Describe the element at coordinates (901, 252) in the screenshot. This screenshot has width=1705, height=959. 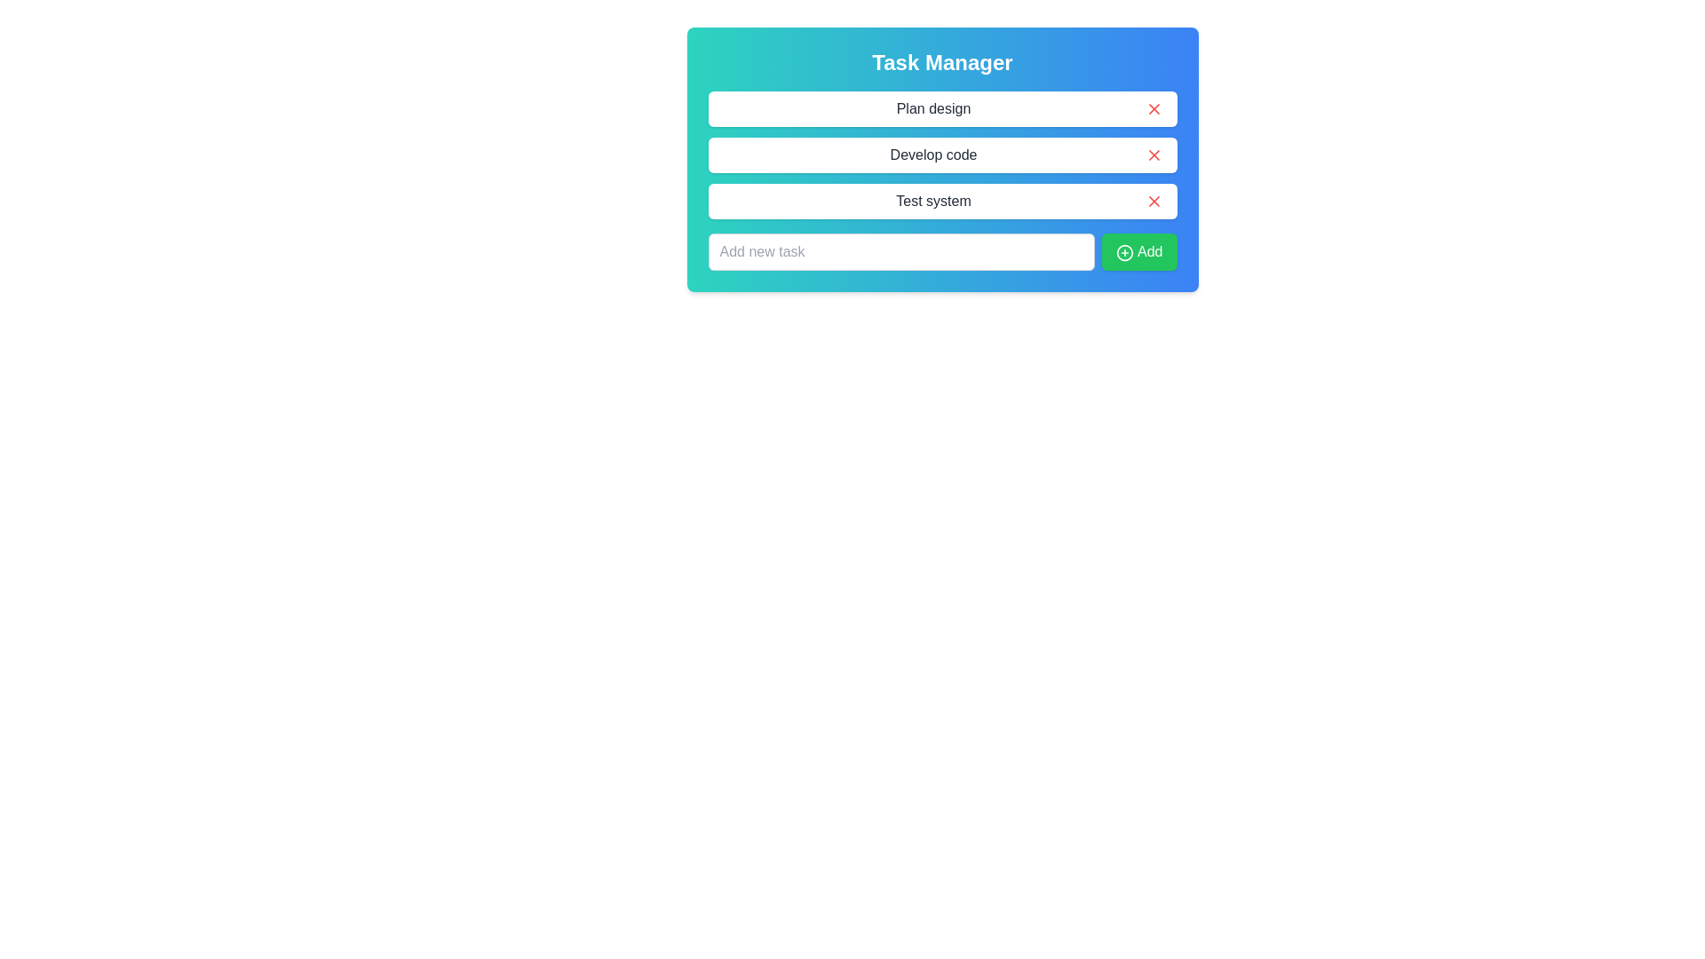
I see `the text input field by clicking on it` at that location.